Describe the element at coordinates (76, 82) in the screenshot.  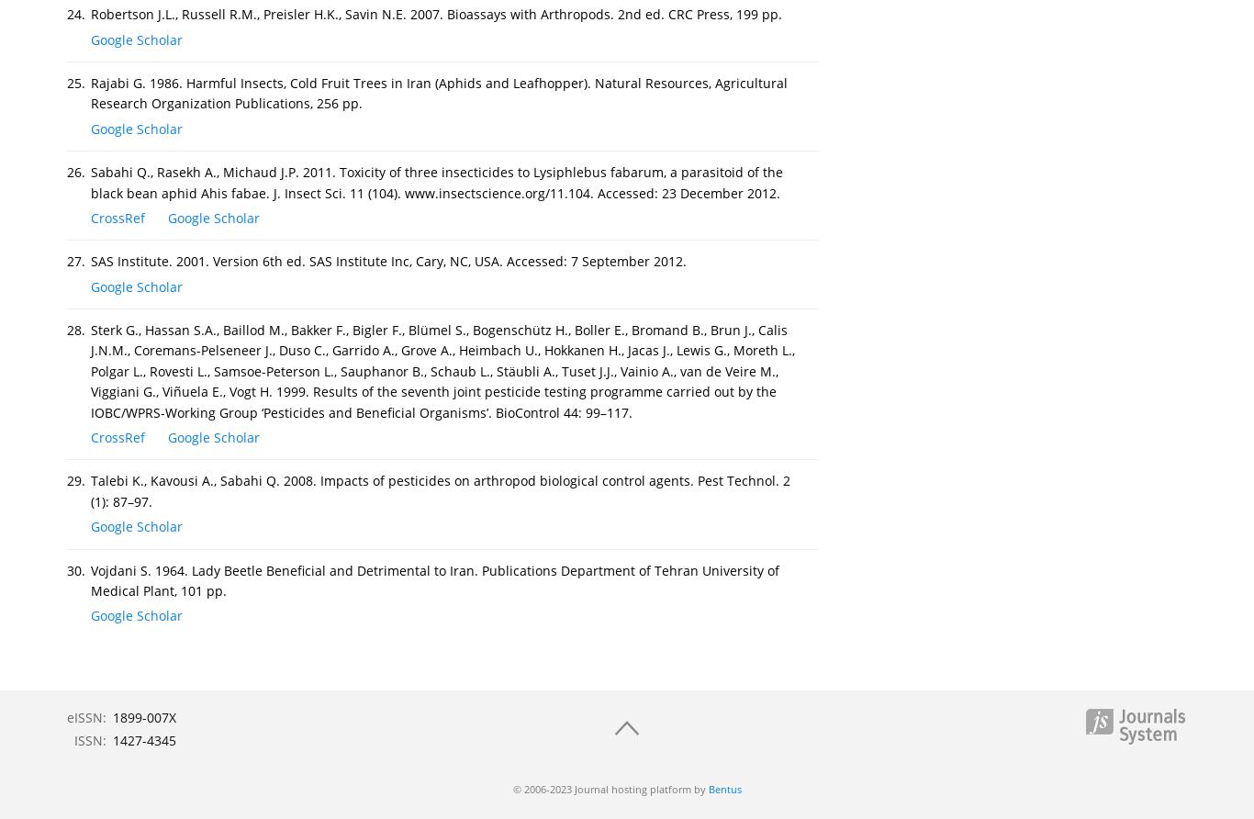
I see `'25.'` at that location.